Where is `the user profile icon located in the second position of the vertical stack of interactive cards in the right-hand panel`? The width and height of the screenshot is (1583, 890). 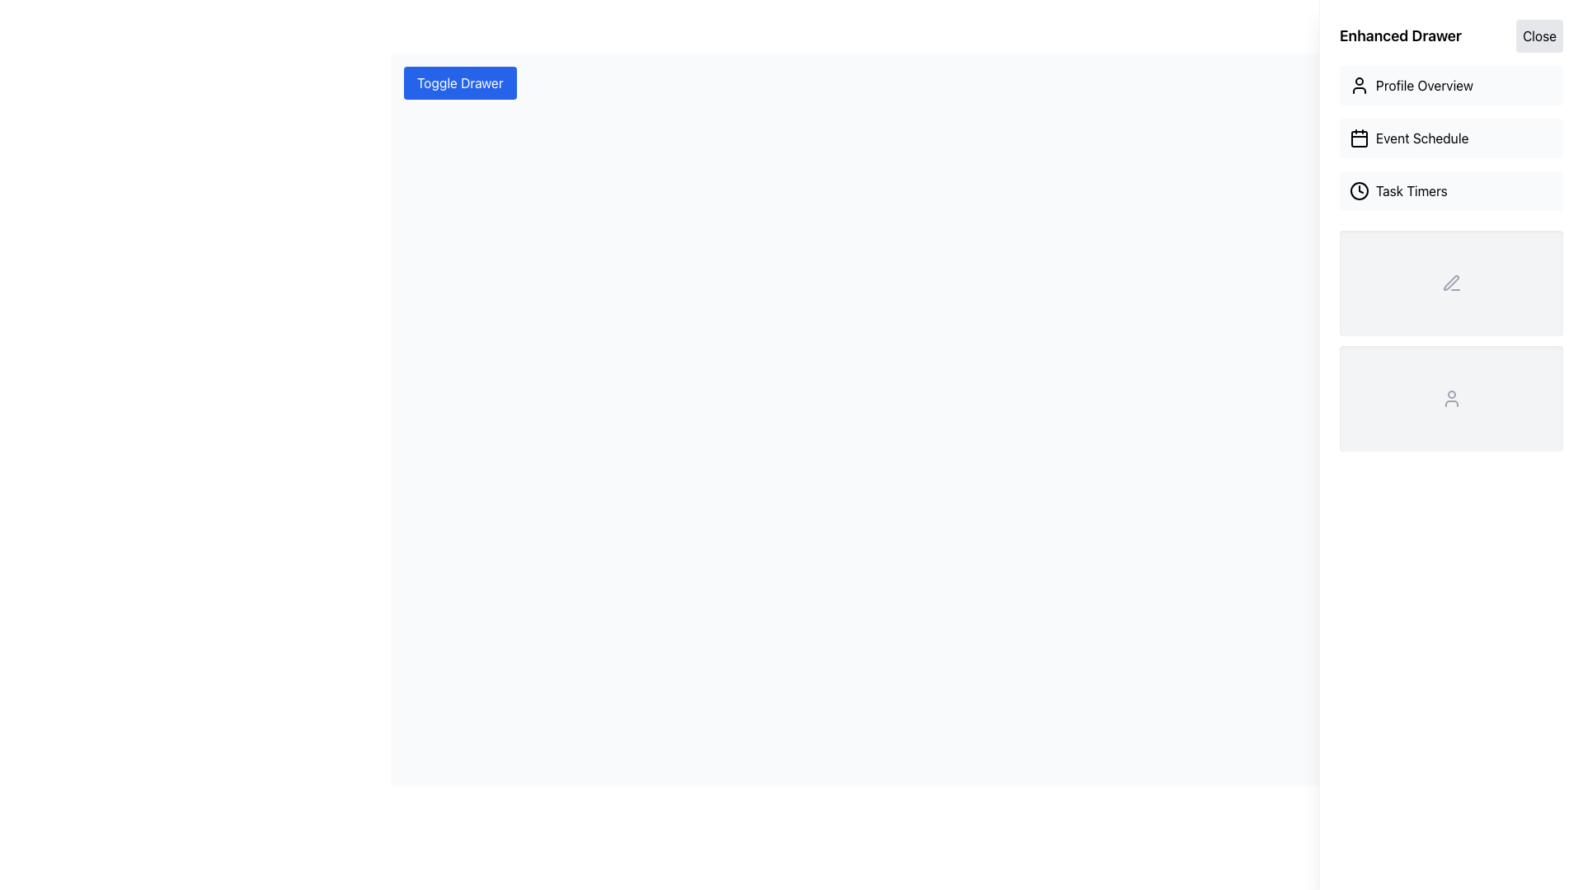 the user profile icon located in the second position of the vertical stack of interactive cards in the right-hand panel is located at coordinates (1451, 398).